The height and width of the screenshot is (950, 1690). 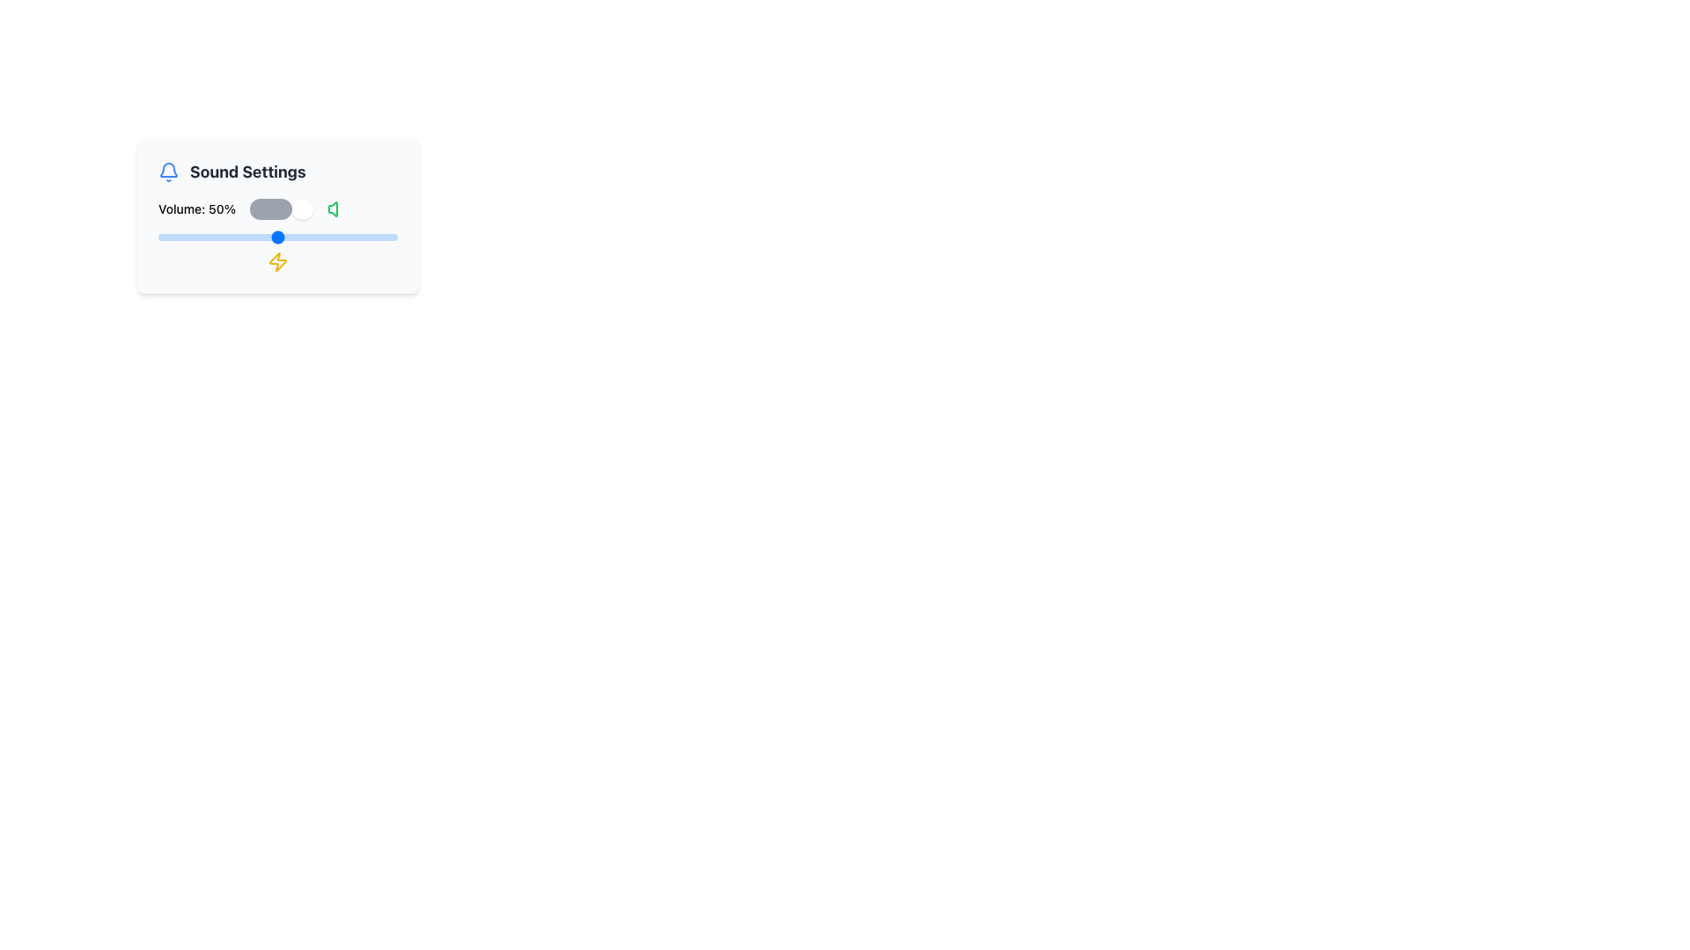 I want to click on the volume, so click(x=363, y=237).